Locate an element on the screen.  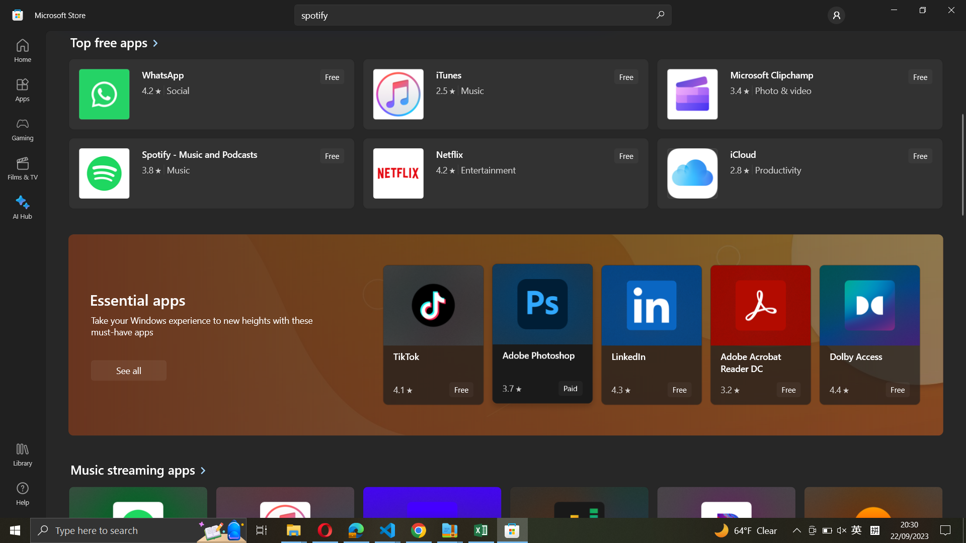
Top Free Apps is located at coordinates (115, 44).